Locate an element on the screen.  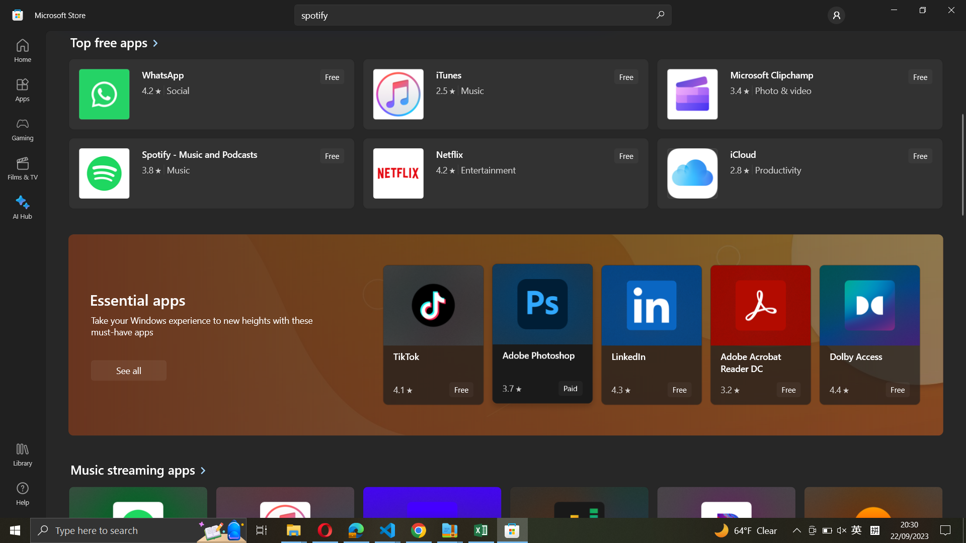
Top Free Apps is located at coordinates (115, 44).